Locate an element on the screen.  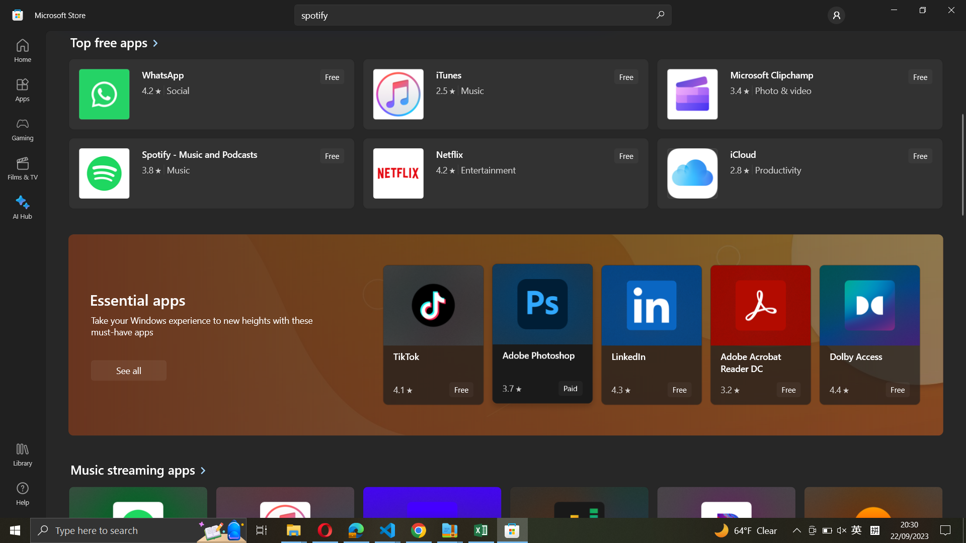
Top Free Apps is located at coordinates (115, 44).